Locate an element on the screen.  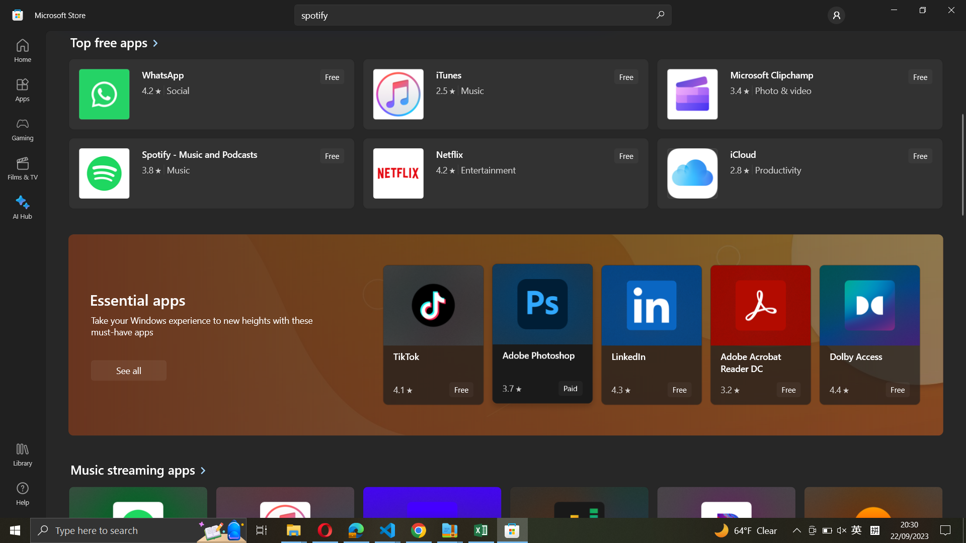
Top Free Apps is located at coordinates (115, 44).